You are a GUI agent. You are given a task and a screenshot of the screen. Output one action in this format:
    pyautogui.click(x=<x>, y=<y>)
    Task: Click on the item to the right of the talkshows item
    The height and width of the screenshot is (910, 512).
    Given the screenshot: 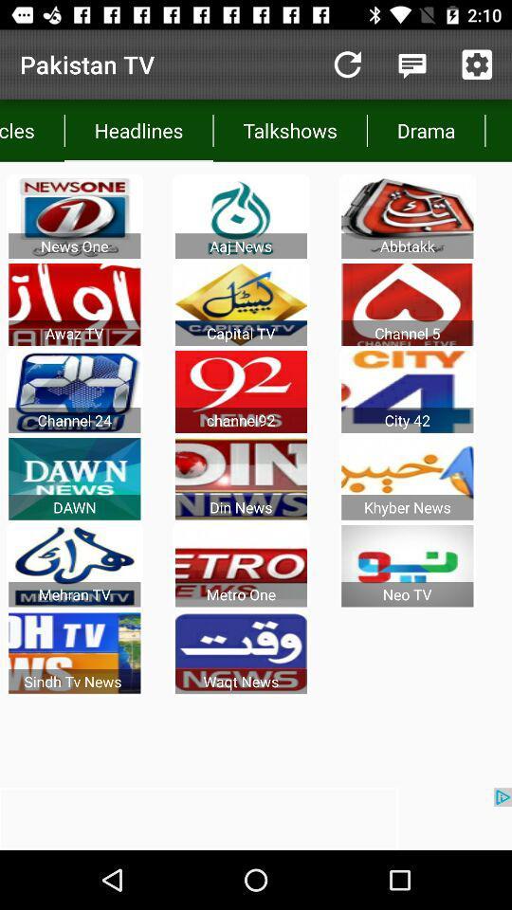 What is the action you would take?
    pyautogui.click(x=426, y=129)
    